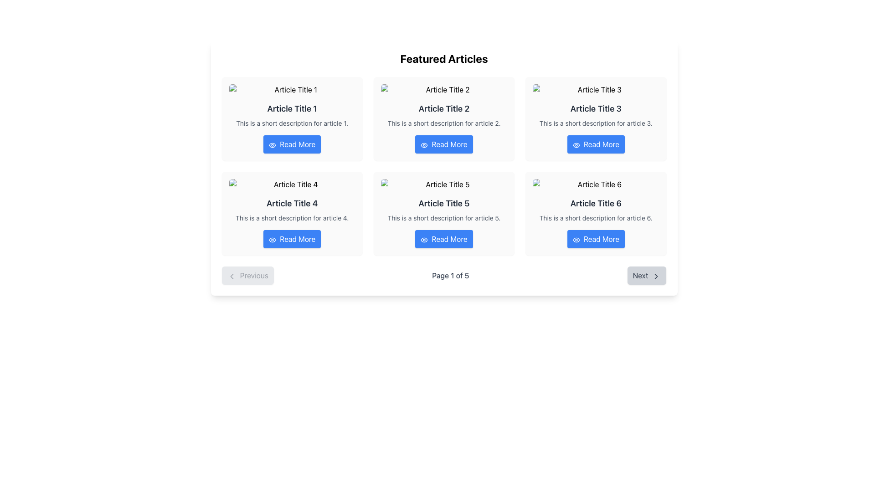 This screenshot has width=875, height=492. Describe the element at coordinates (424, 239) in the screenshot. I see `the eye icon inside the blue 'Read More' button located in the bottom segment of the card labeled 'Article Title 5'` at that location.